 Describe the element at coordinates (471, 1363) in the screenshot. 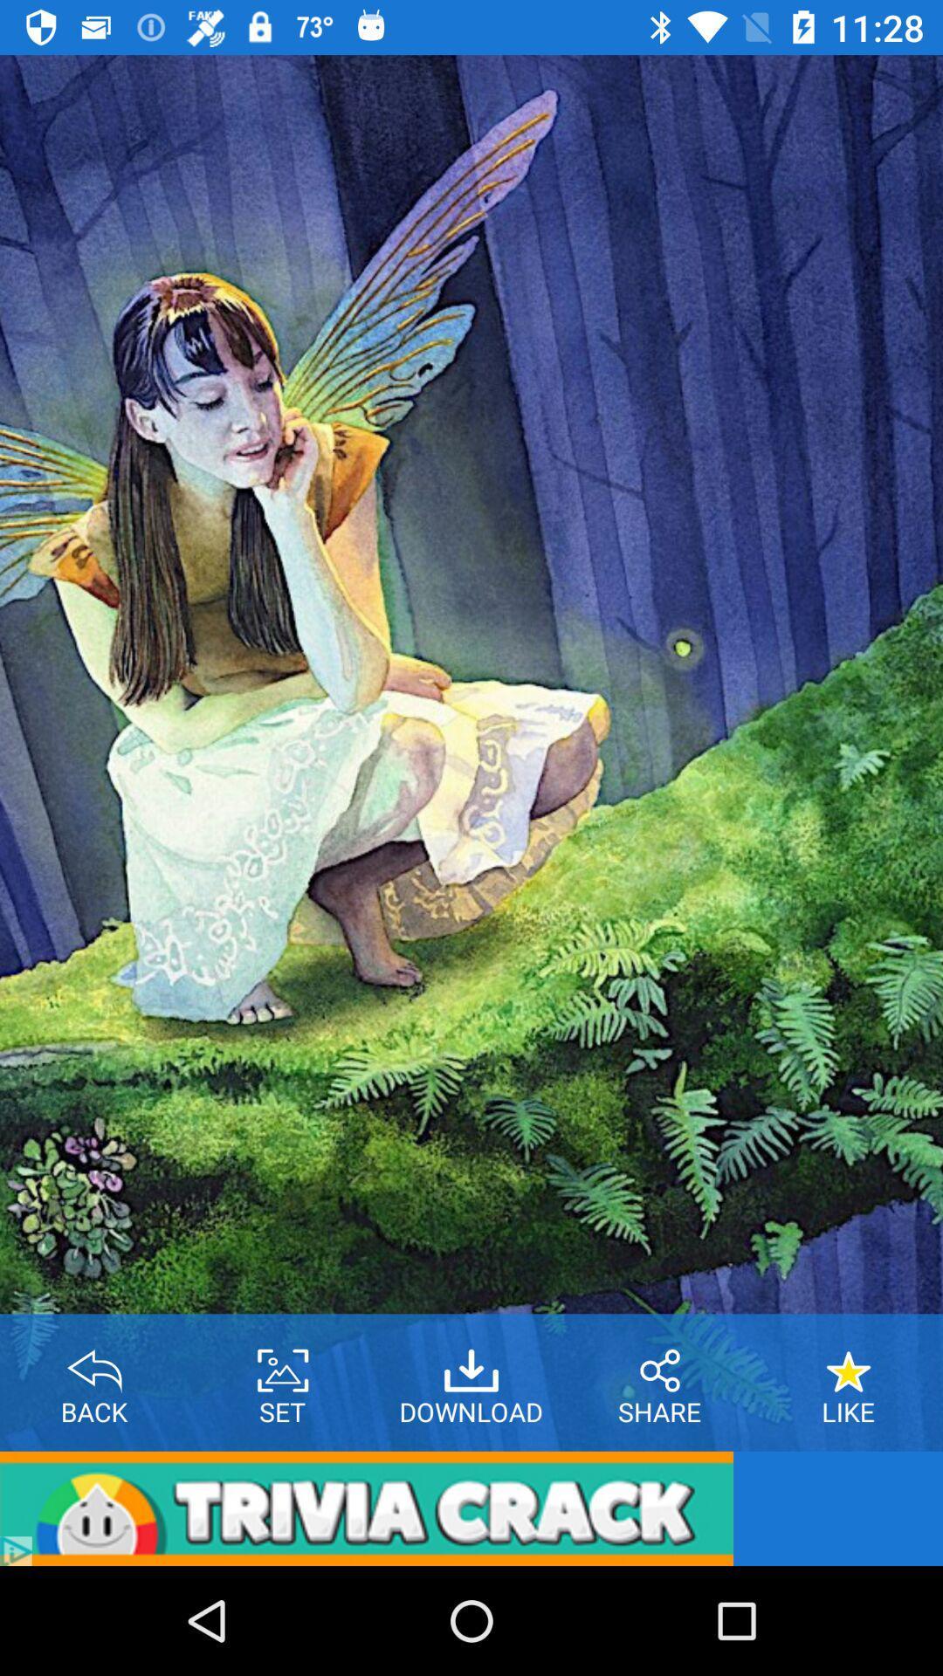

I see `the file_download icon` at that location.